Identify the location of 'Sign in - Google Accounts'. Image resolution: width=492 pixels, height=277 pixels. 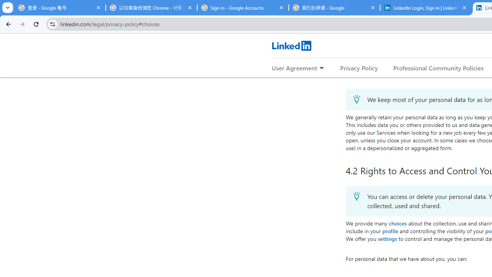
(243, 8).